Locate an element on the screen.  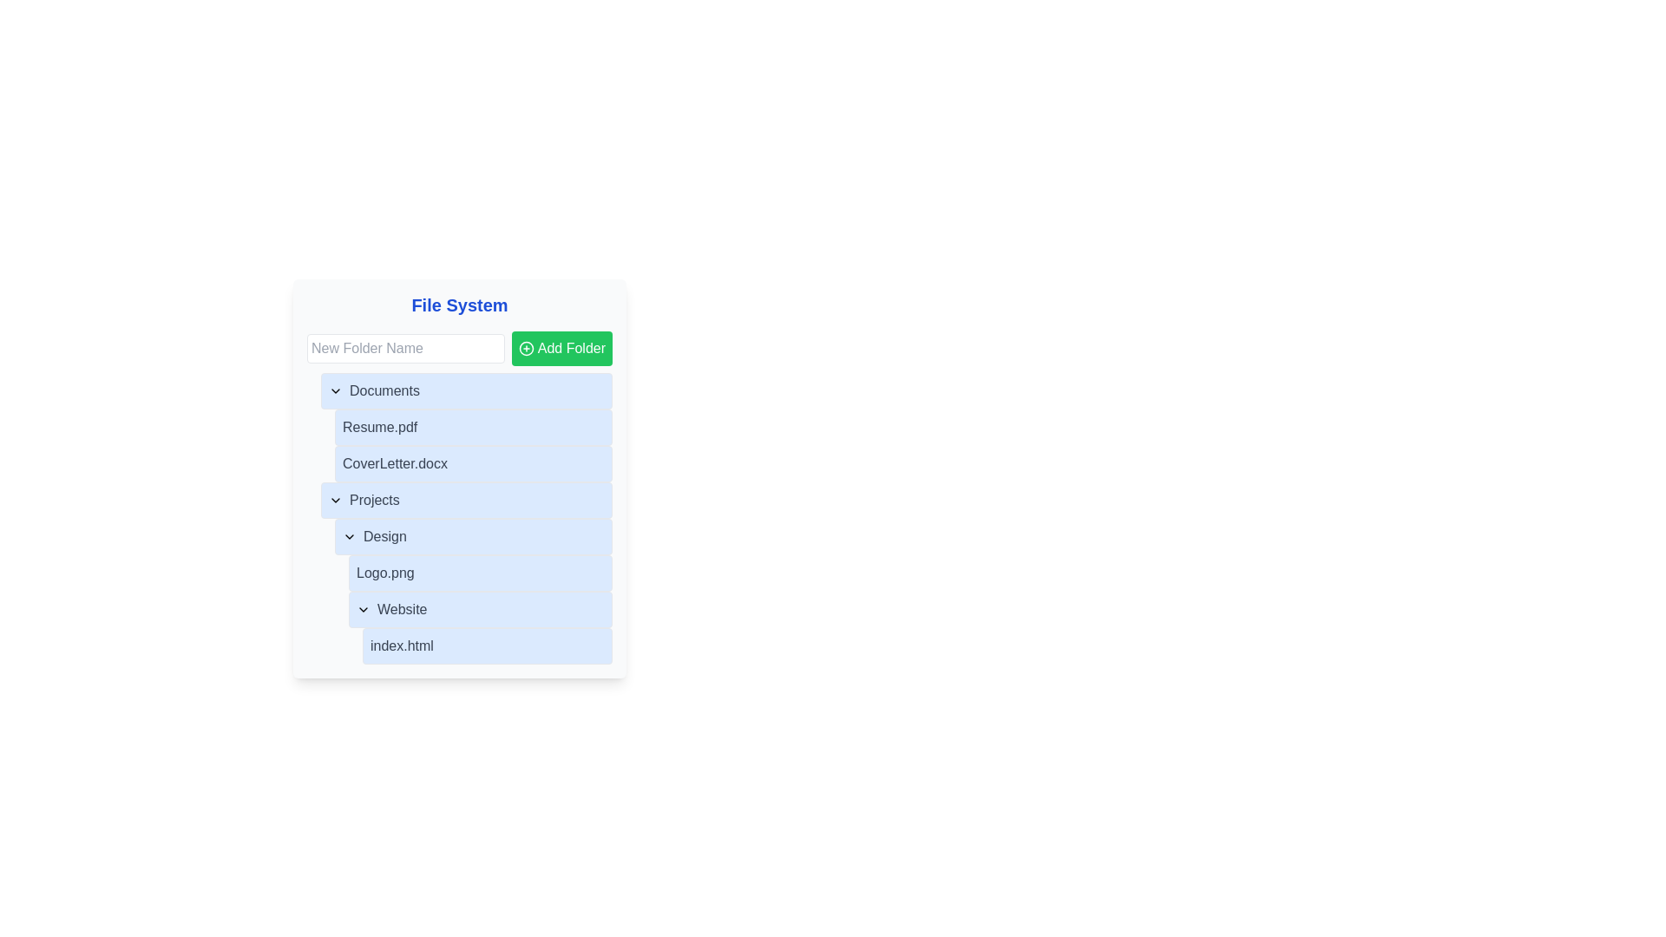
the chevron icon to the left of the 'Documents' text in the file browser is located at coordinates (338, 391).